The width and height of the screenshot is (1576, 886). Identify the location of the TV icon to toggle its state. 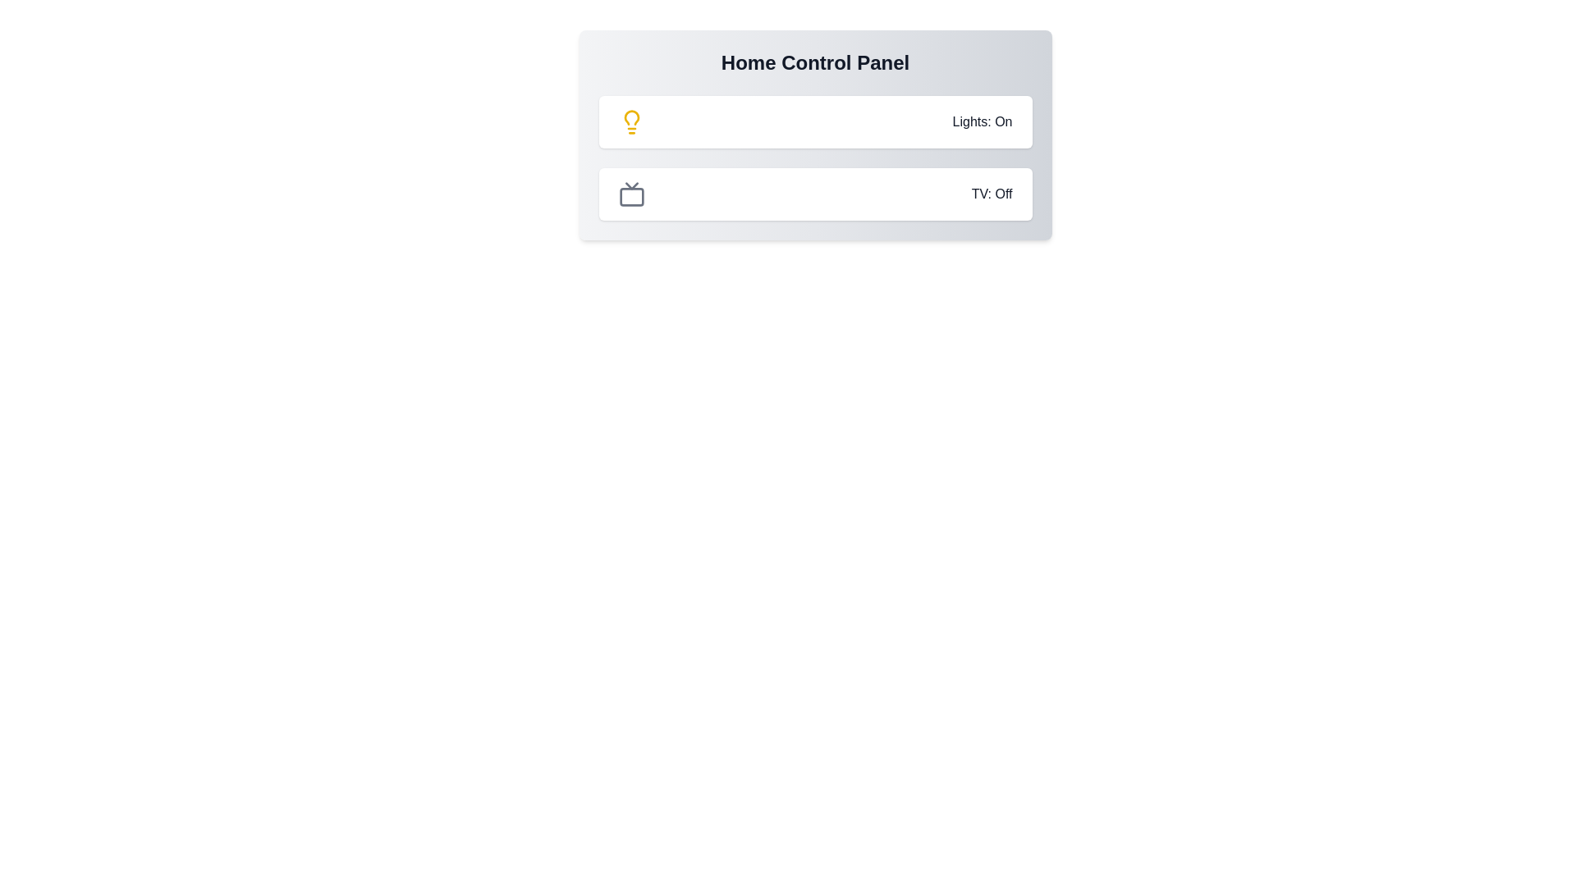
(630, 193).